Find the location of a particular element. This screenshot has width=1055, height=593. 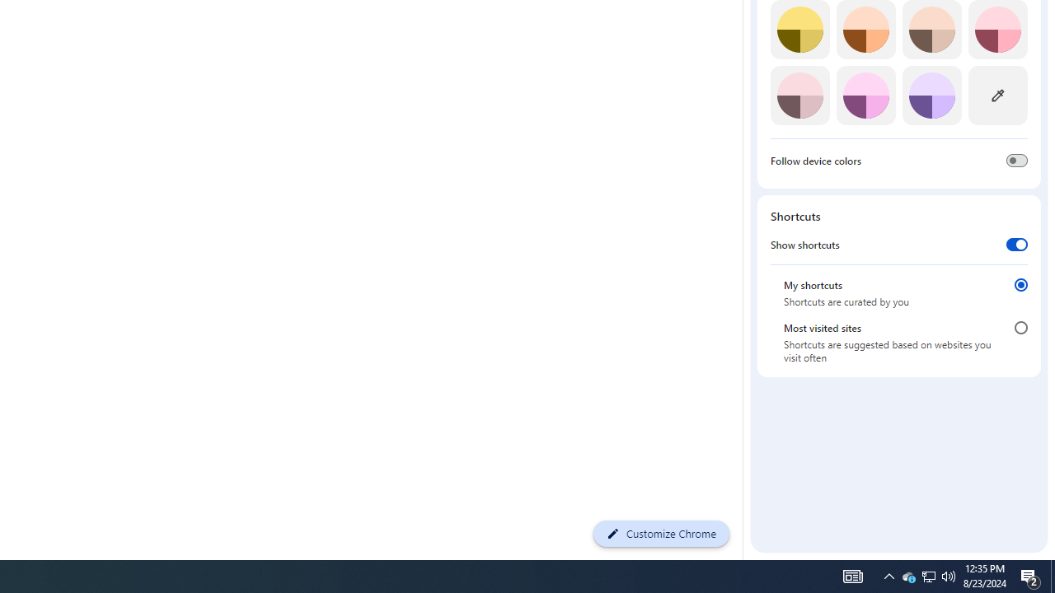

'Rose' is located at coordinates (996, 30).